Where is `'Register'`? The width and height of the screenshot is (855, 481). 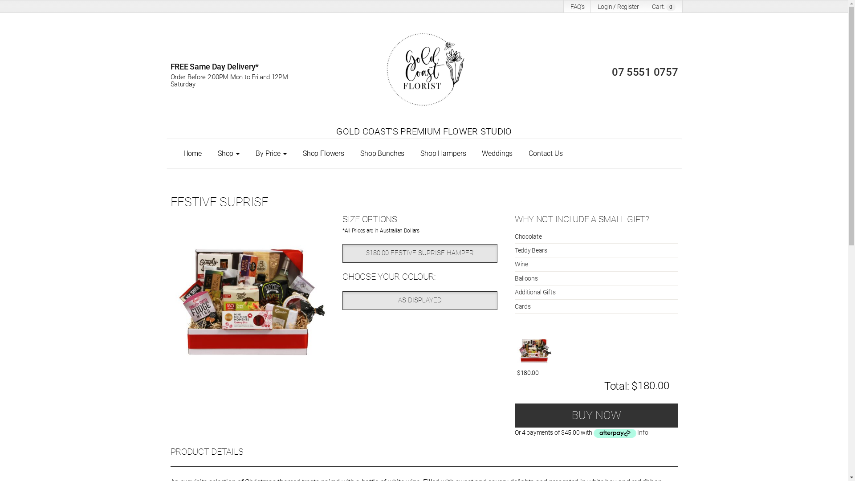
'Register' is located at coordinates (627, 7).